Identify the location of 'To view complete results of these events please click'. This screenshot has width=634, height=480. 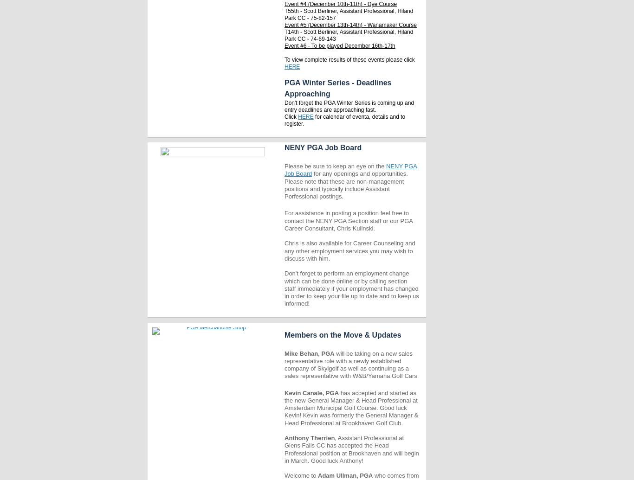
(349, 59).